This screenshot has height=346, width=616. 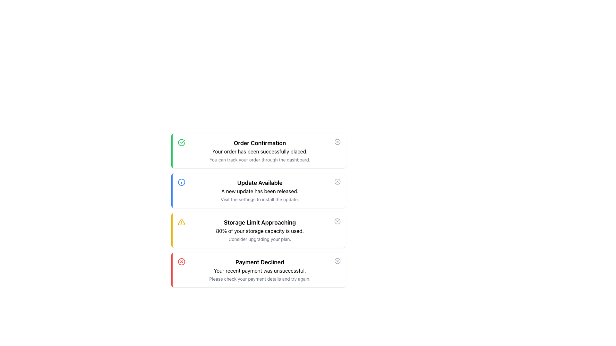 I want to click on the Informative Icon, which is a circular blue outlined icon with an 'i' insignia located in the second notification card from the top, so click(x=181, y=182).